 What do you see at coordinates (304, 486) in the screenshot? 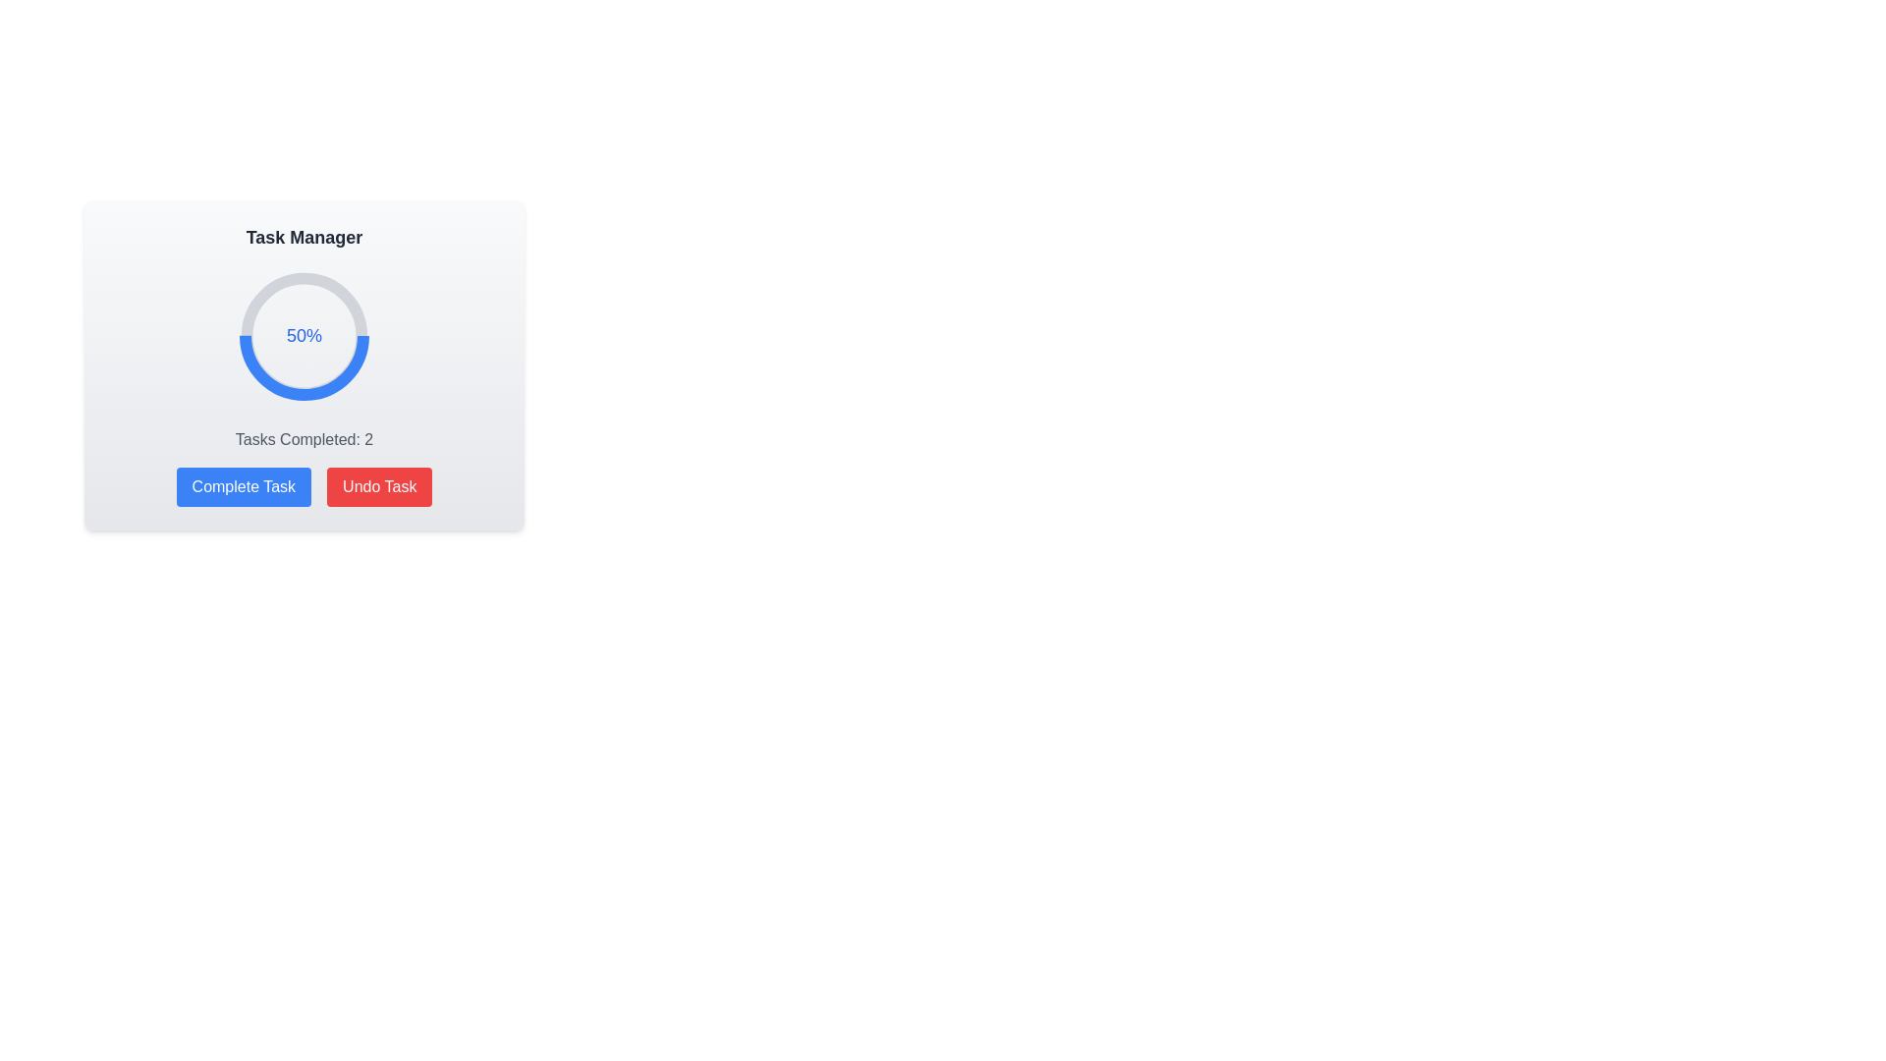
I see `the blue 'Complete Task' button and the red 'Undo Task' button to trigger their hover effects` at bounding box center [304, 486].